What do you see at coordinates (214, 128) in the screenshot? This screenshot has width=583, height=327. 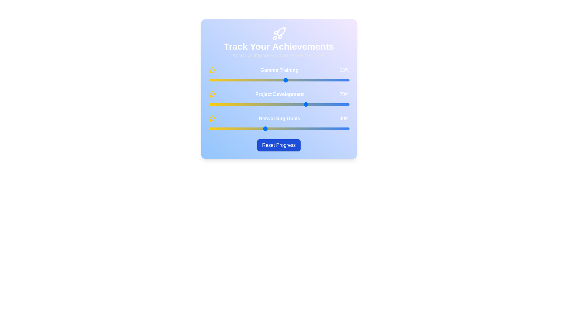 I see `the 'Networking Goals' slider to 4%` at bounding box center [214, 128].